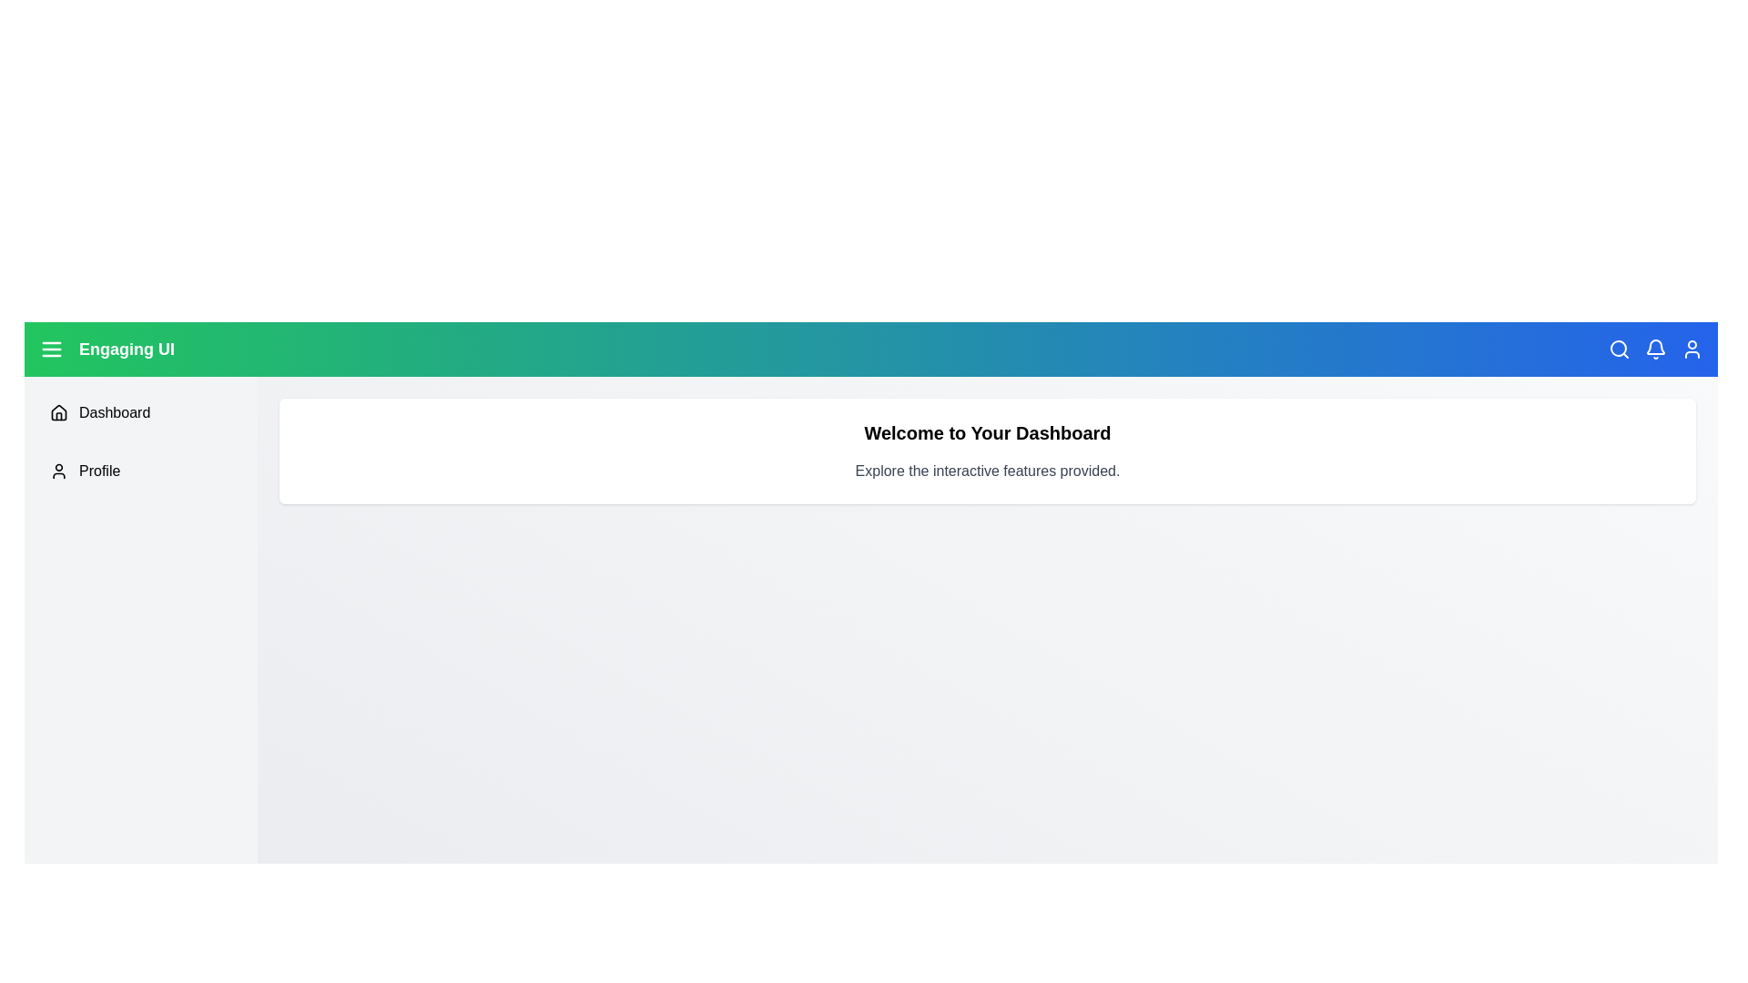 The width and height of the screenshot is (1748, 983). What do you see at coordinates (52, 350) in the screenshot?
I see `menu button to toggle the sidebar visibility` at bounding box center [52, 350].